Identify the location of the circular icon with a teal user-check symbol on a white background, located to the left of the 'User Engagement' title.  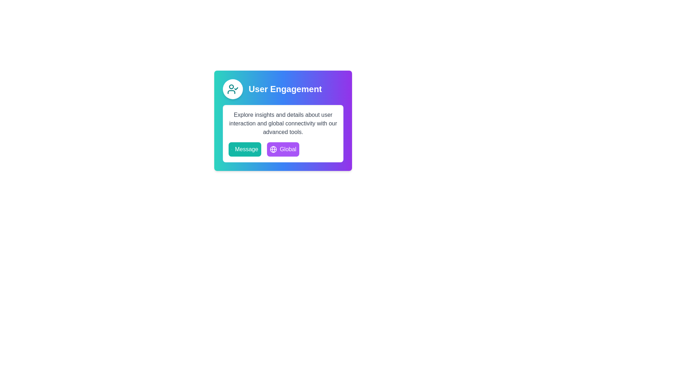
(233, 89).